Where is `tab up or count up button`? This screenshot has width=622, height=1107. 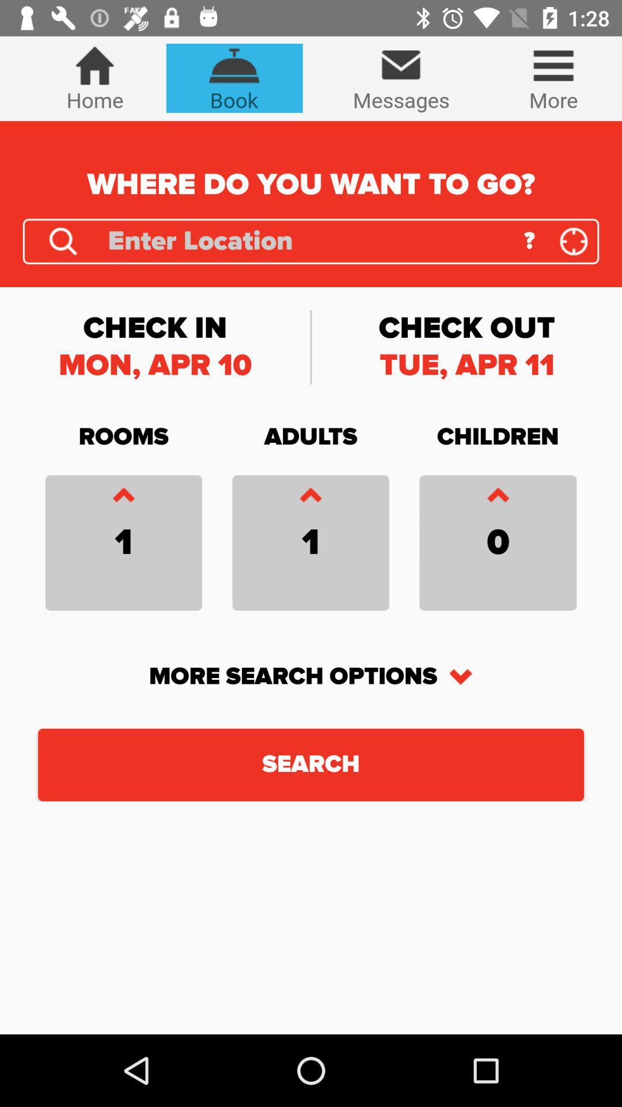 tab up or count up button is located at coordinates (497, 498).